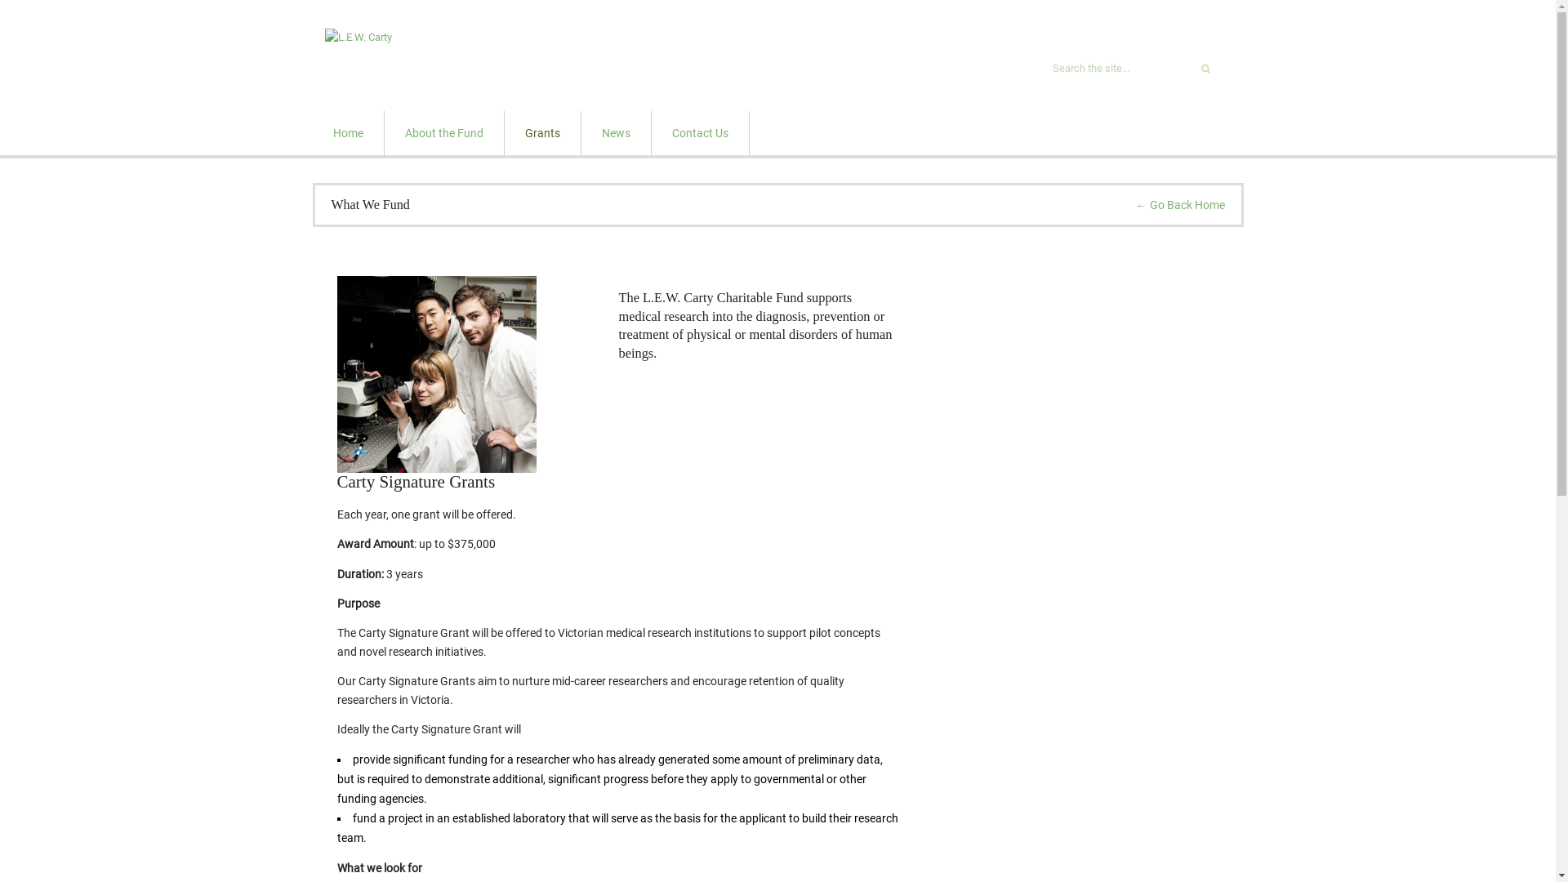 The width and height of the screenshot is (1568, 882). What do you see at coordinates (670, 131) in the screenshot?
I see `'Contact Us'` at bounding box center [670, 131].